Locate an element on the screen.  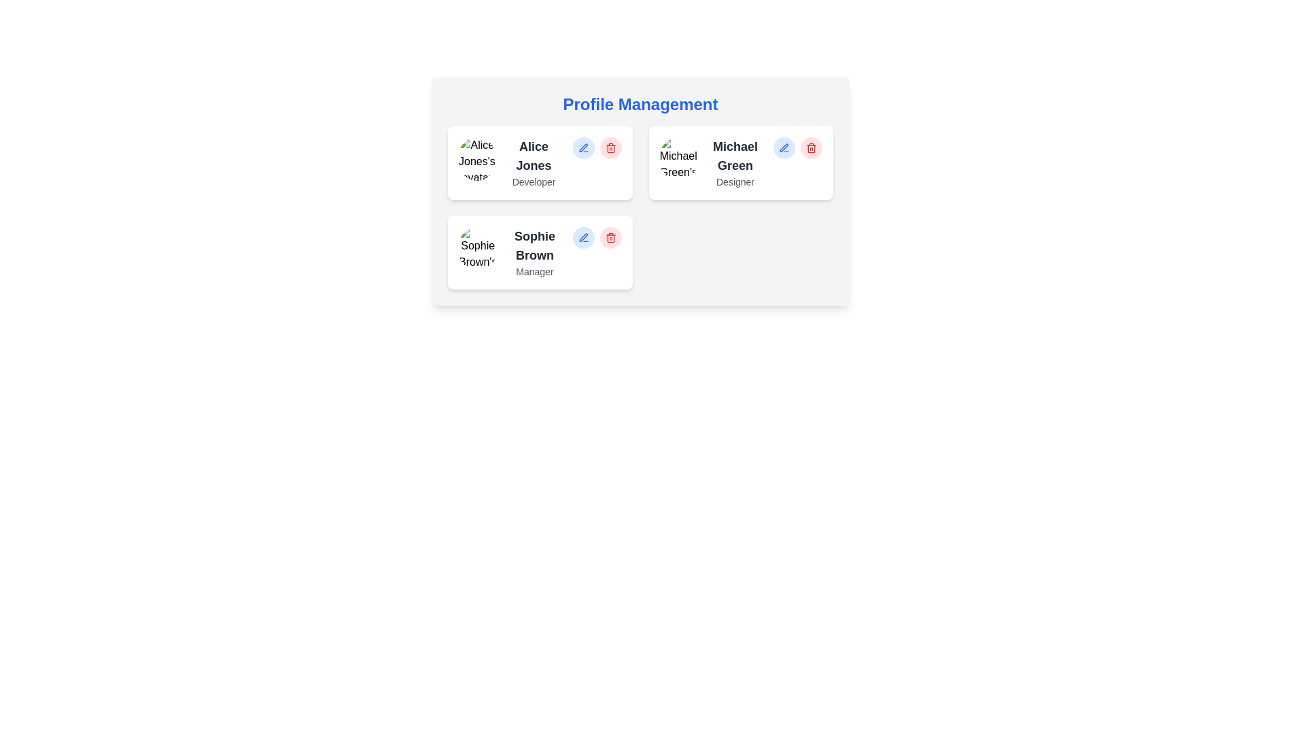
the Text label indicating the role or position of the individual displayed in the card labeled 'Alice Jones' is located at coordinates (533, 181).